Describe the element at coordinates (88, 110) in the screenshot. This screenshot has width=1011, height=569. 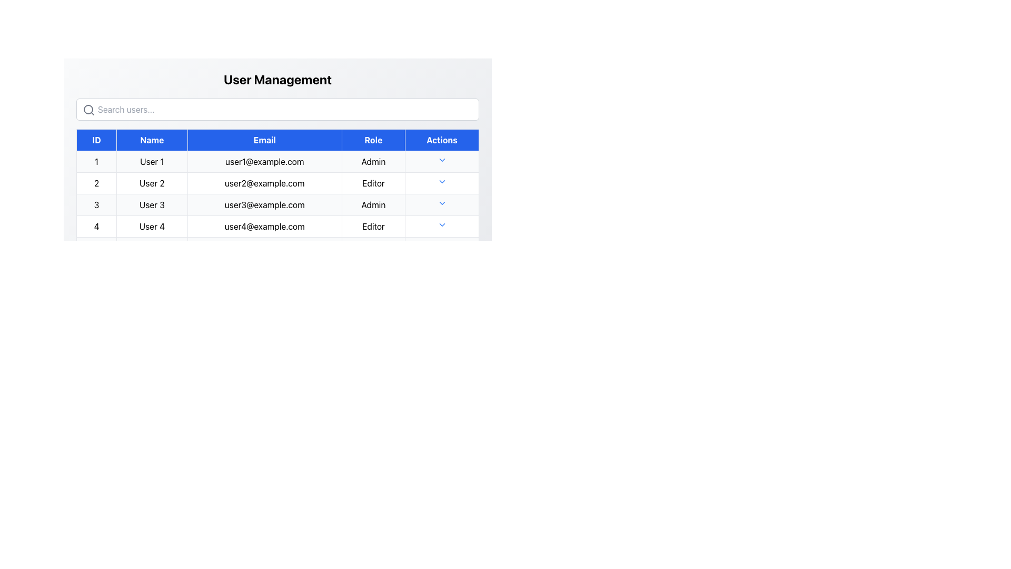
I see `the search icon located at the left edge of the input field in the user management interface, next to the 'Search users...' placeholder text` at that location.